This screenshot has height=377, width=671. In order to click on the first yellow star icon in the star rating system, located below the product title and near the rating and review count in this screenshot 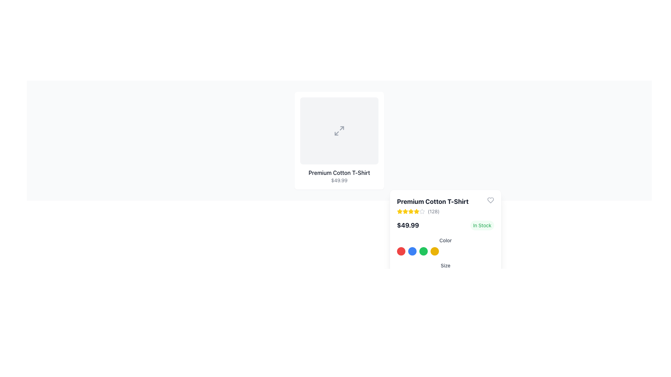, I will do `click(399, 211)`.